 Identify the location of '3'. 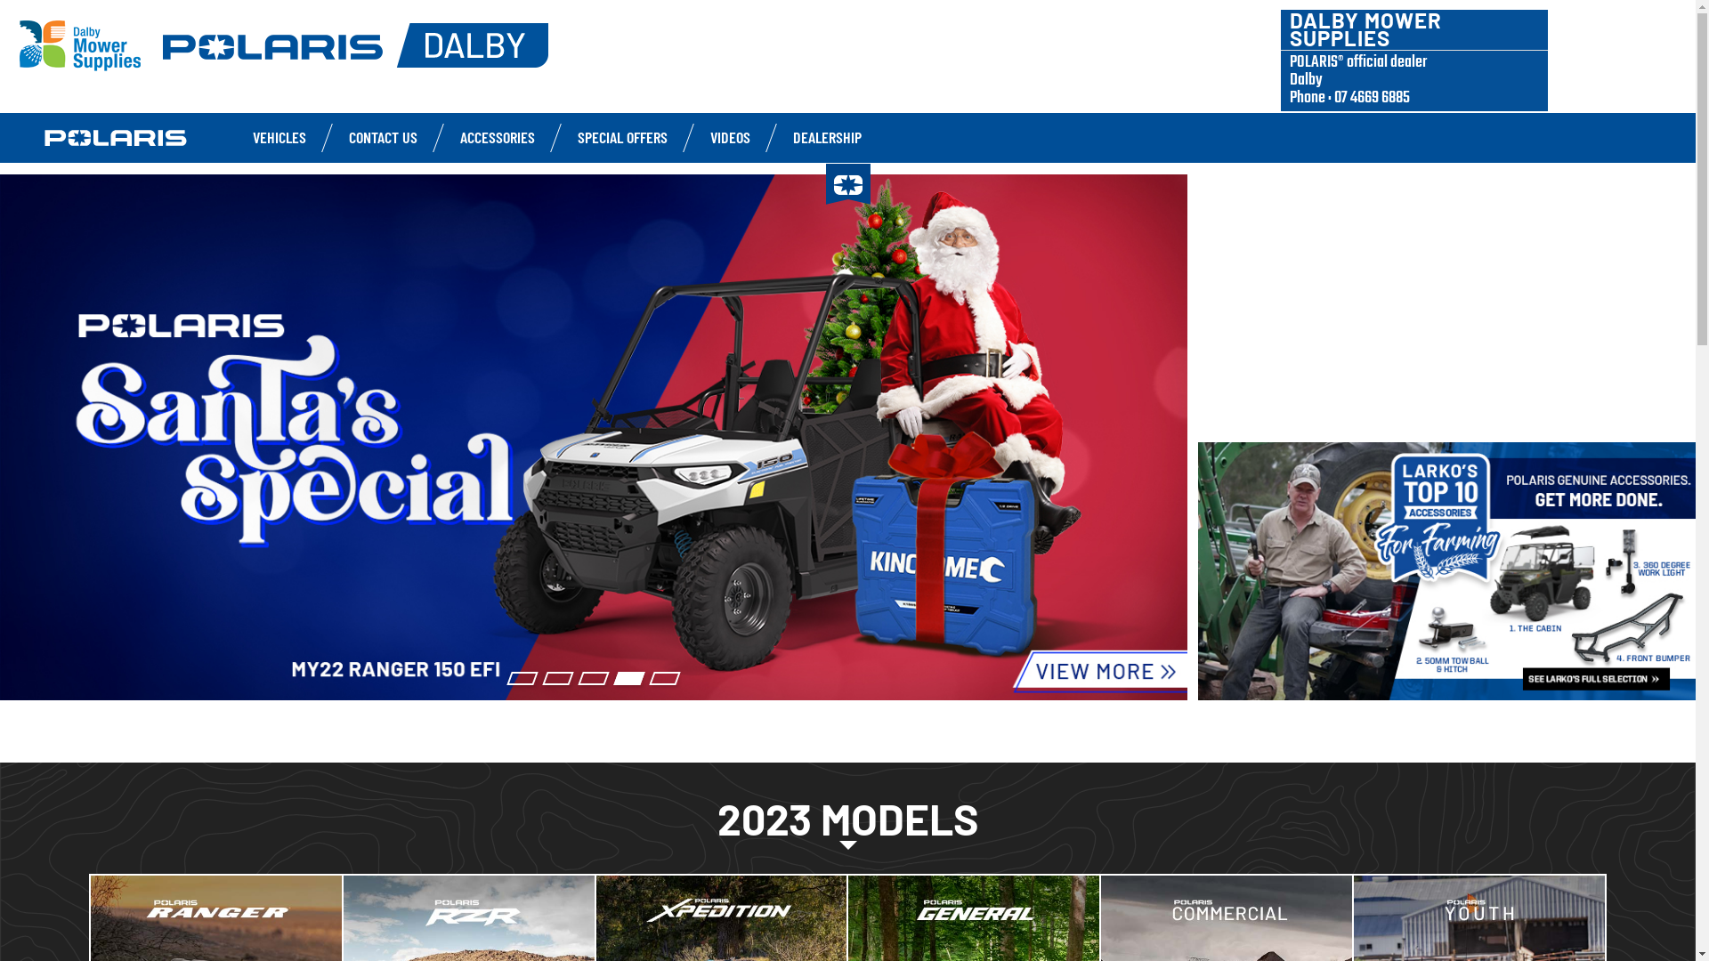
(594, 678).